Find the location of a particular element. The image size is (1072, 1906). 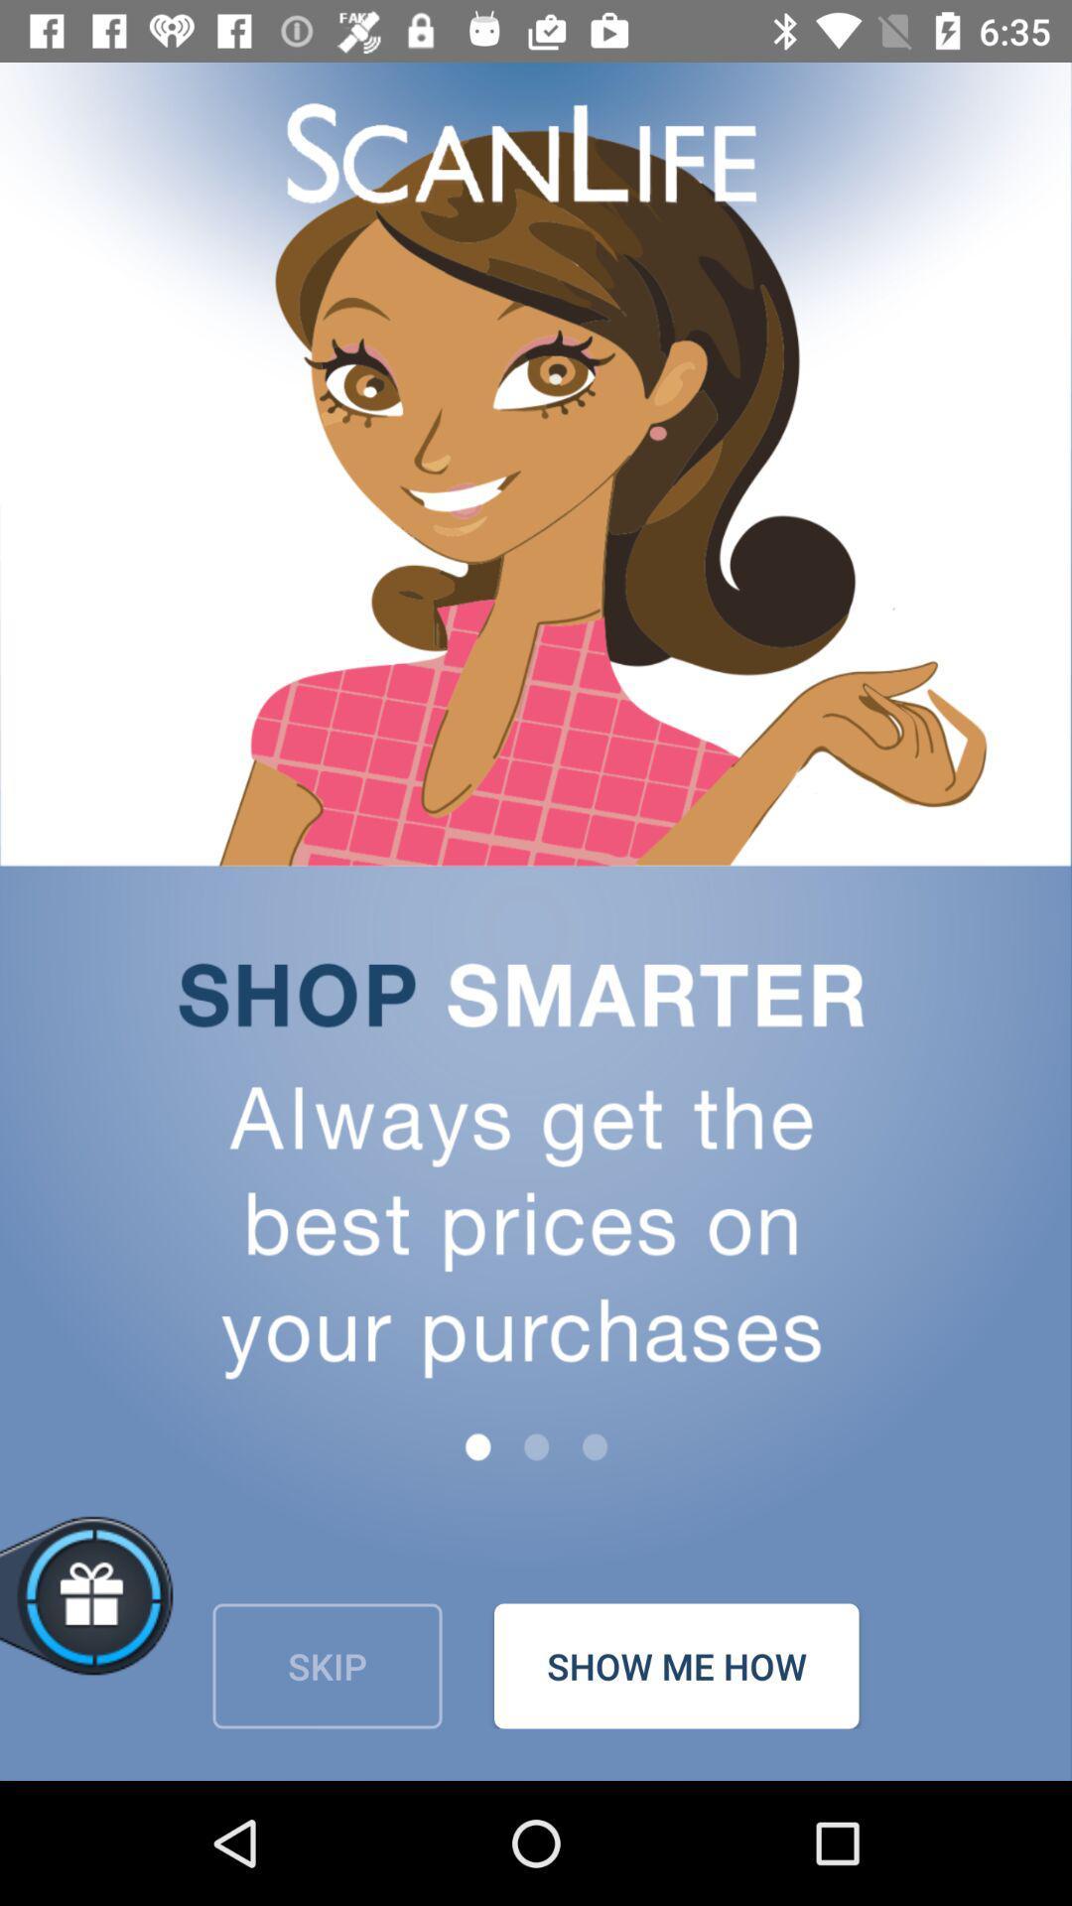

click gift button is located at coordinates (155, 1619).